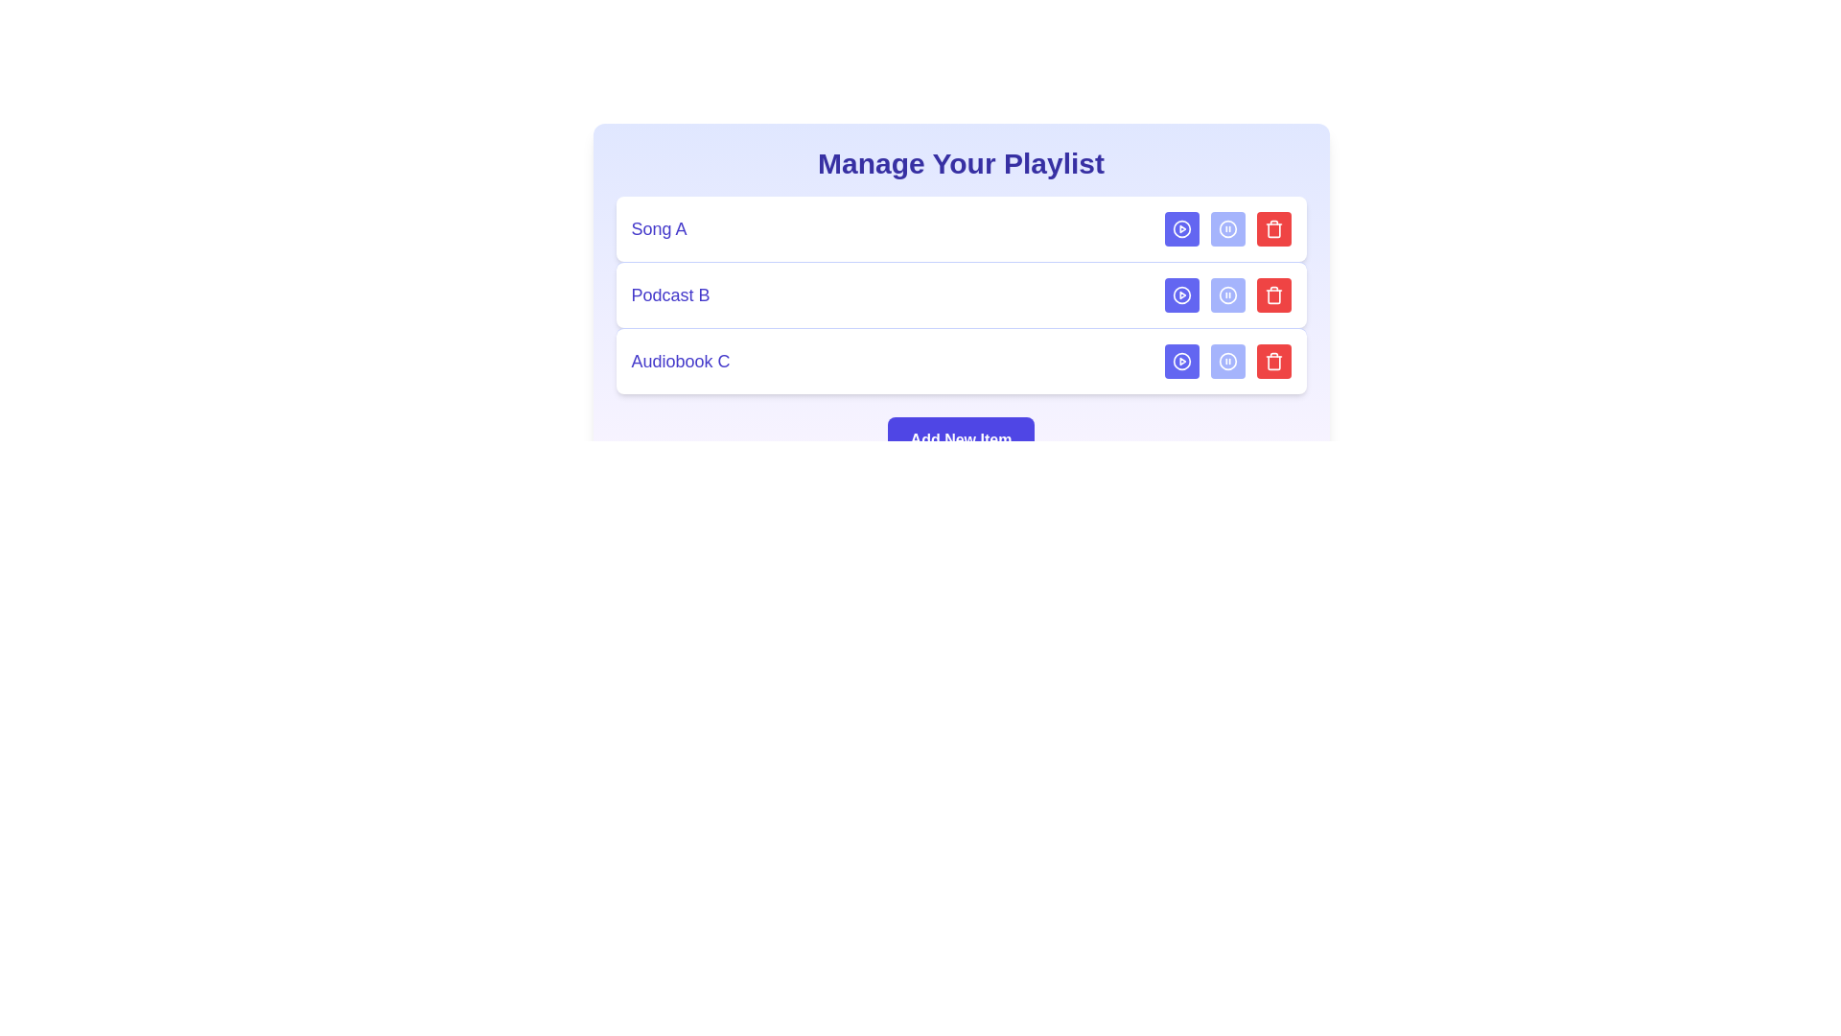  I want to click on the delete button for the media item Song A, so click(1273, 228).